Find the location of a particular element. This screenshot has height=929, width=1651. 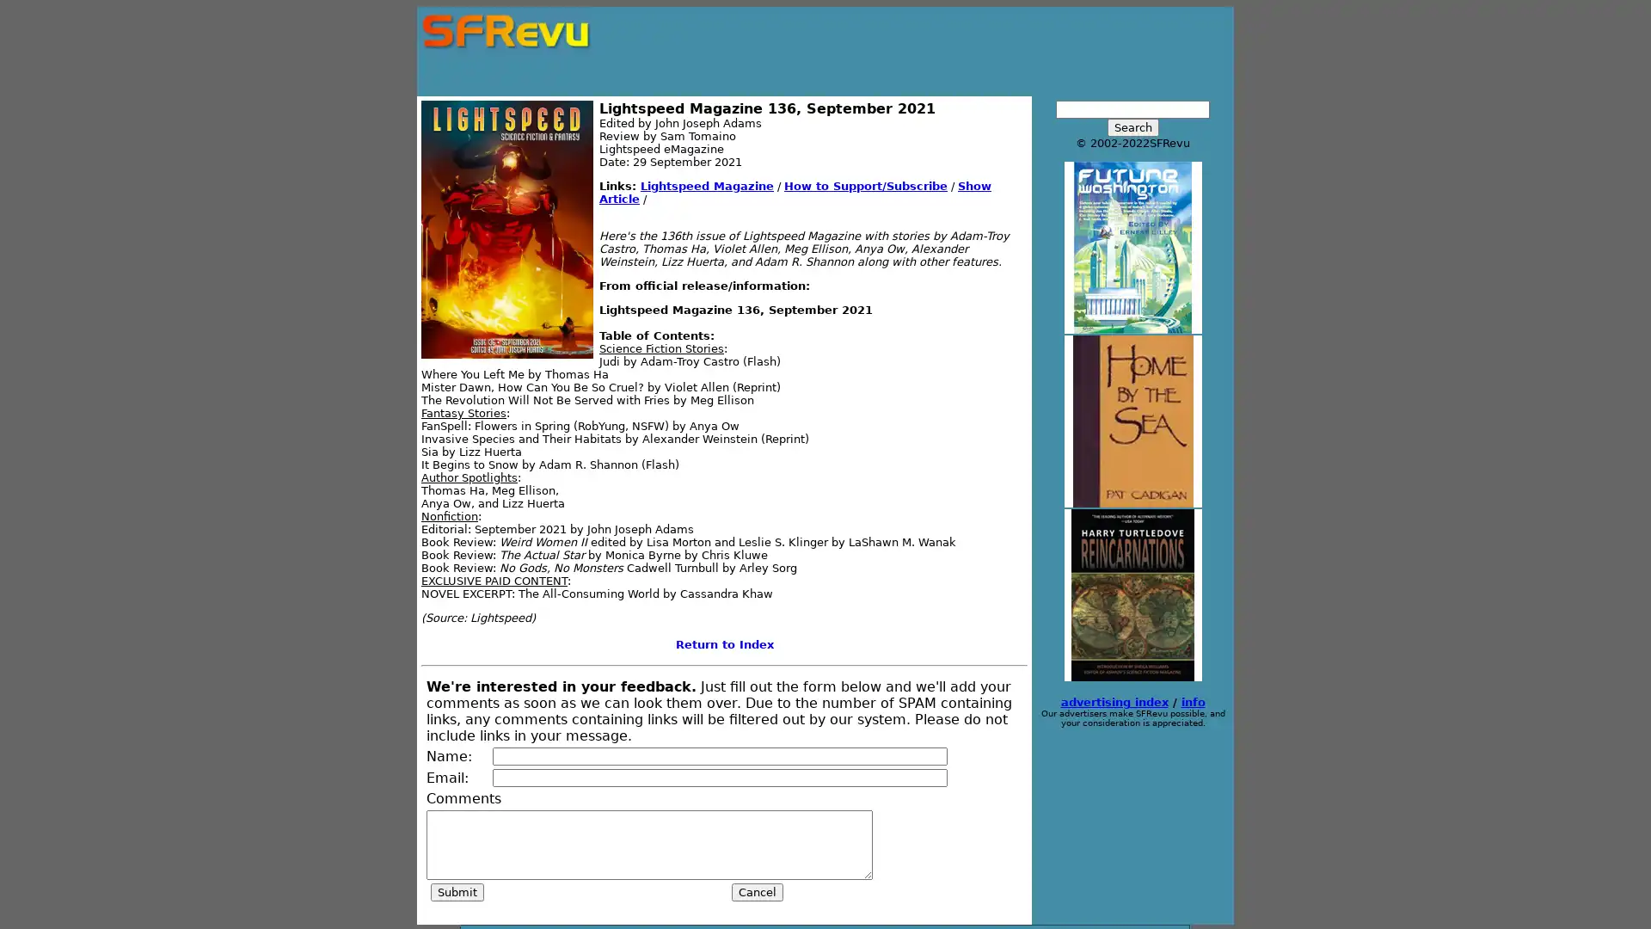

Submit is located at coordinates (457, 891).